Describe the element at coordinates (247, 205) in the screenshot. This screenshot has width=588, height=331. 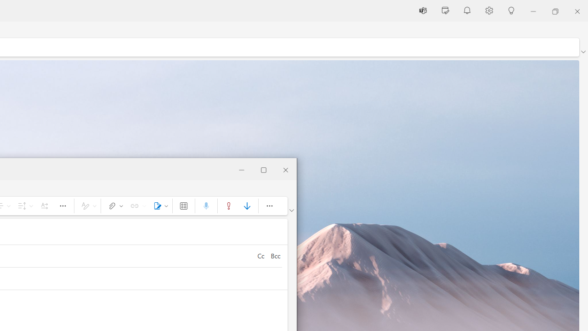
I see `'Low importance'` at that location.